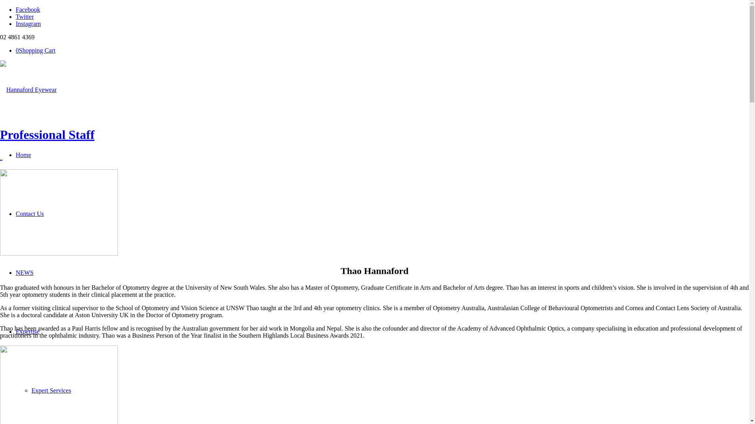  What do you see at coordinates (15, 50) in the screenshot?
I see `'0Shopping Cart'` at bounding box center [15, 50].